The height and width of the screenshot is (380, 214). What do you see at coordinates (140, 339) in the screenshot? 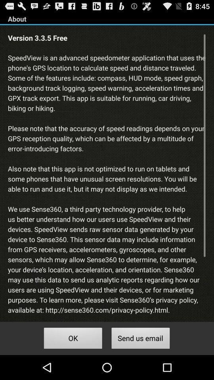
I see `the send us email button` at bounding box center [140, 339].